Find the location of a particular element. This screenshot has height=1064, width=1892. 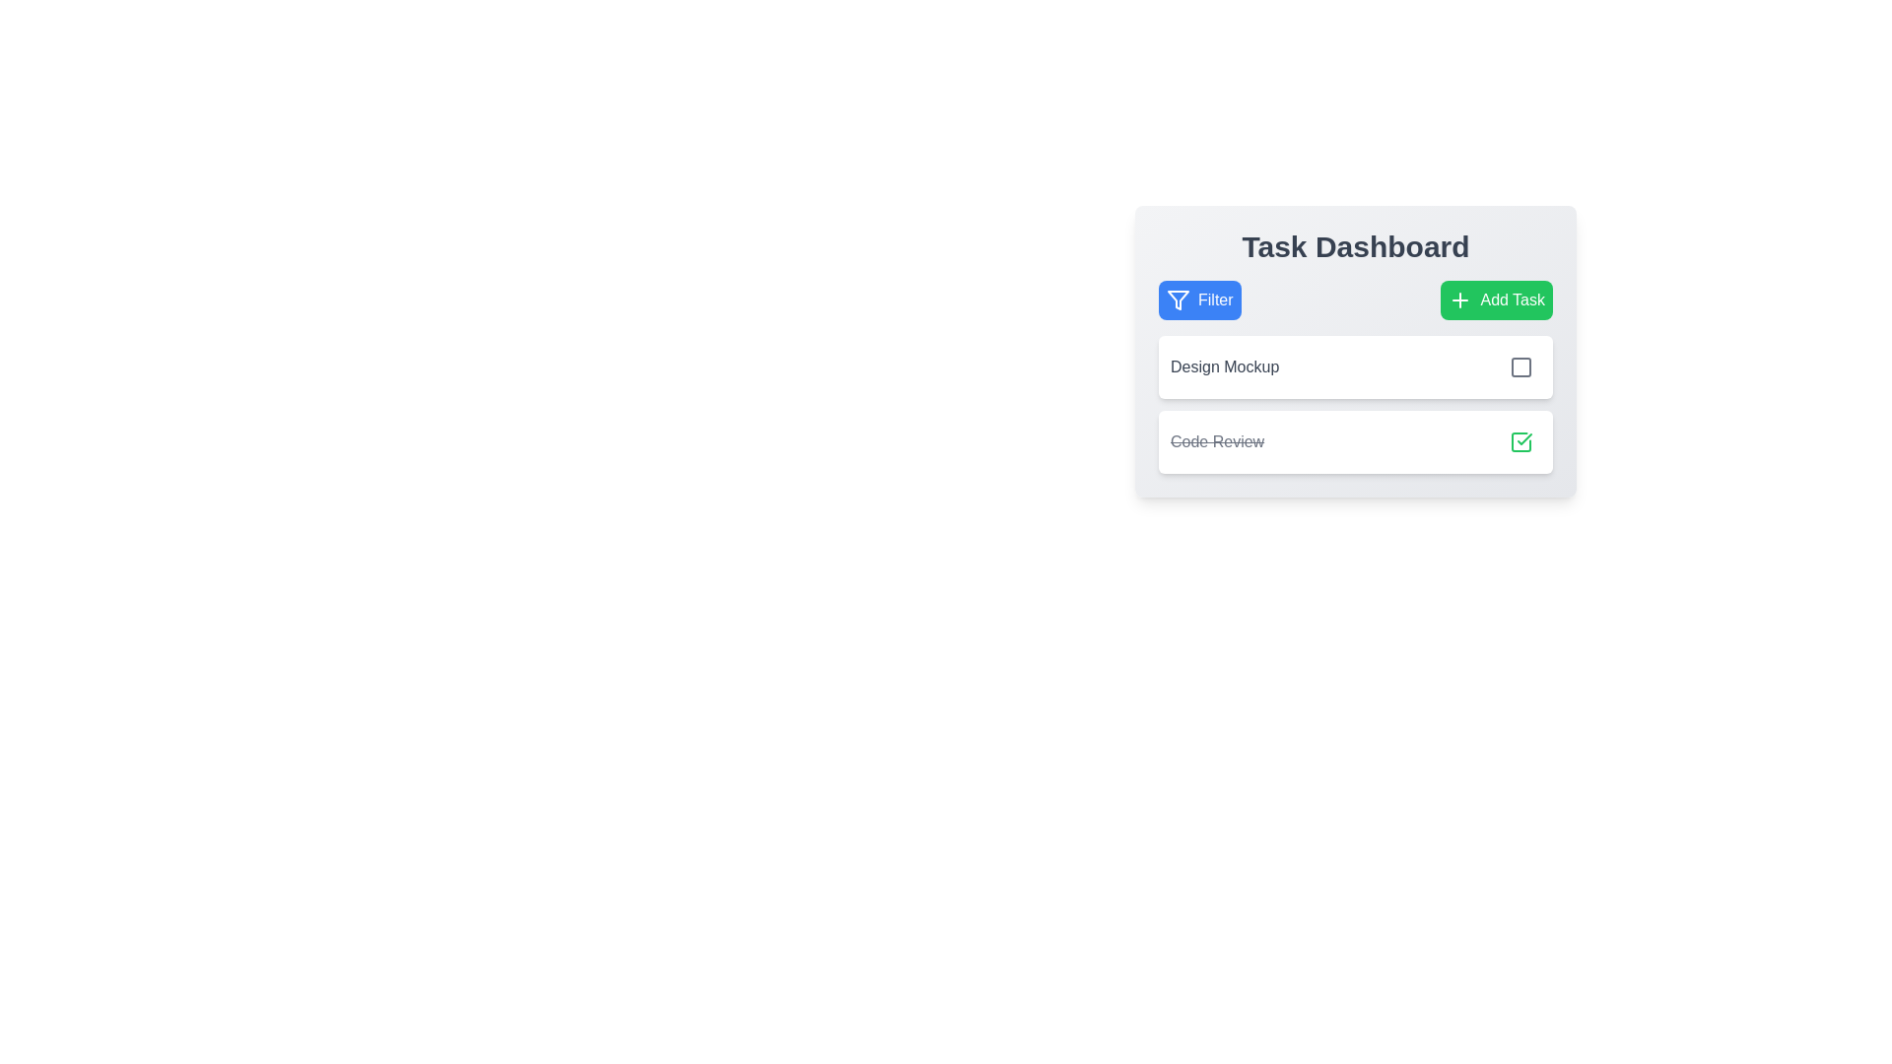

the funnel-shaped SVG icon located within the blue 'Filter' button, positioned to the left of the text label is located at coordinates (1178, 299).